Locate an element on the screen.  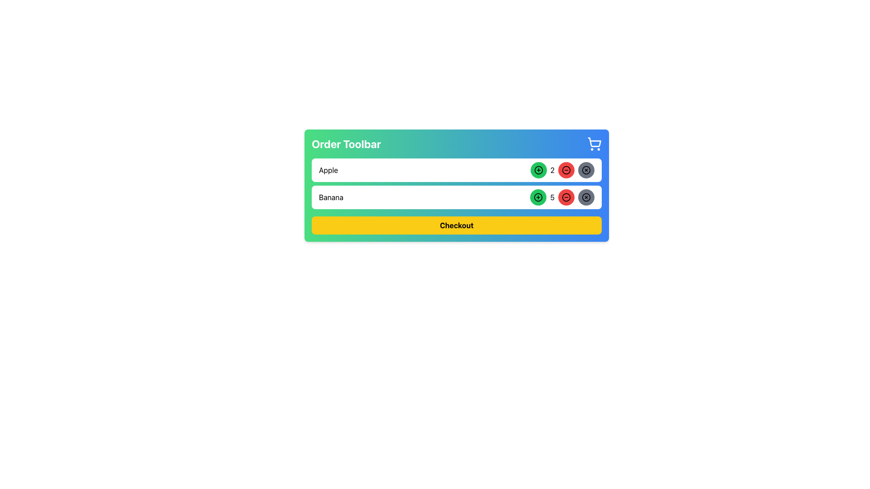
the Text Label displaying 'Apple' in the Order Toolbar, which is the first item in the list aligned to the left is located at coordinates (328, 170).